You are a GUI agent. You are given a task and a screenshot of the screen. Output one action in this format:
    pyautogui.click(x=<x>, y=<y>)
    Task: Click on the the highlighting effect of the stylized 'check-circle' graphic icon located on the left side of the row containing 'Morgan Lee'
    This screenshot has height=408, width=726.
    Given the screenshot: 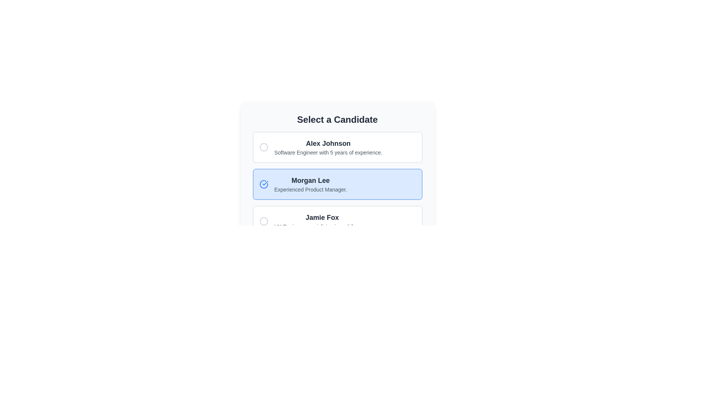 What is the action you would take?
    pyautogui.click(x=264, y=184)
    